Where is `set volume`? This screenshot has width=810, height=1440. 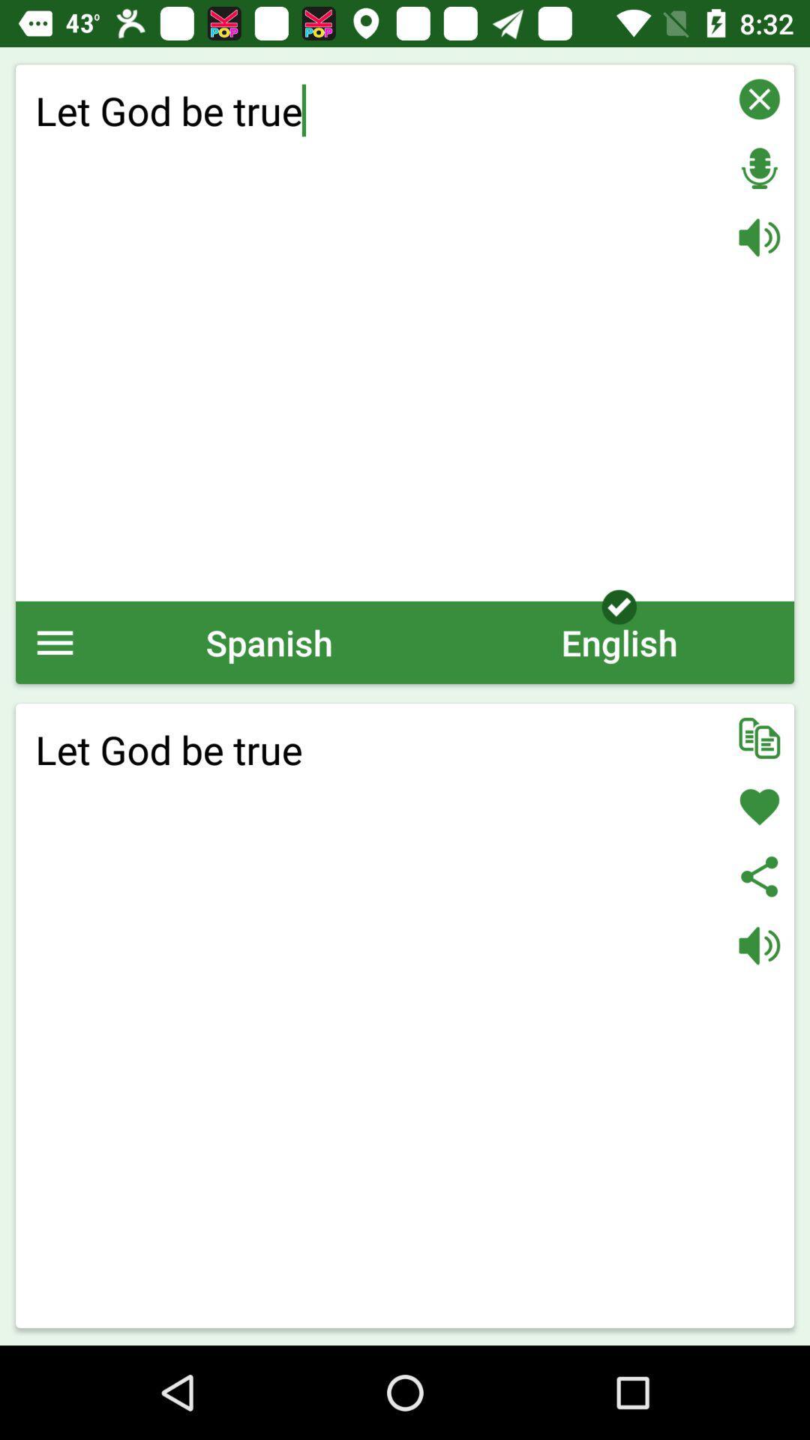
set volume is located at coordinates (759, 236).